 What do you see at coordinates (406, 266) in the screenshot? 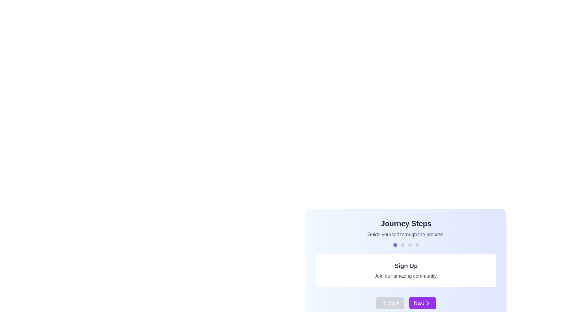
I see `the Text Label that serves as a title or headline indicating the nature of the content, positioned above the text 'Join our amazing community.'` at bounding box center [406, 266].